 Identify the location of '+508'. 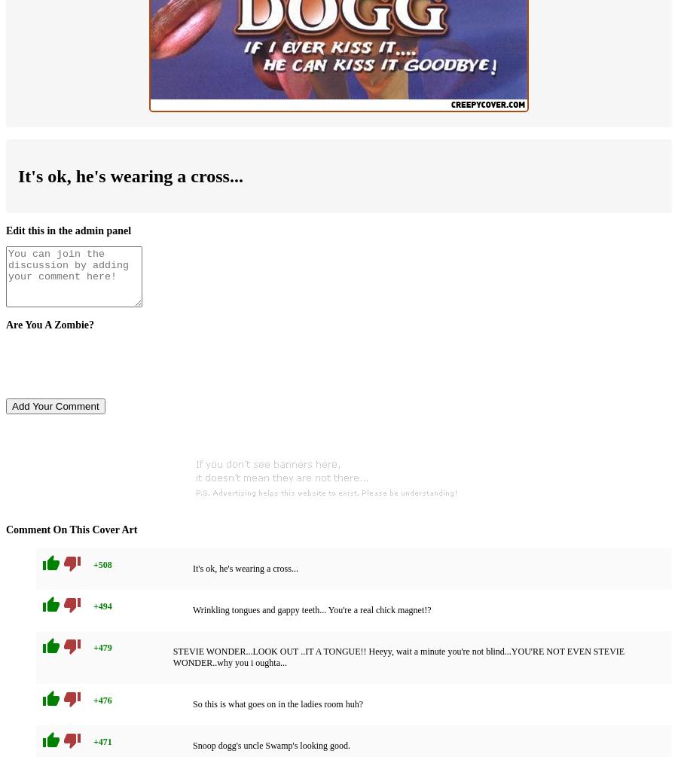
(102, 564).